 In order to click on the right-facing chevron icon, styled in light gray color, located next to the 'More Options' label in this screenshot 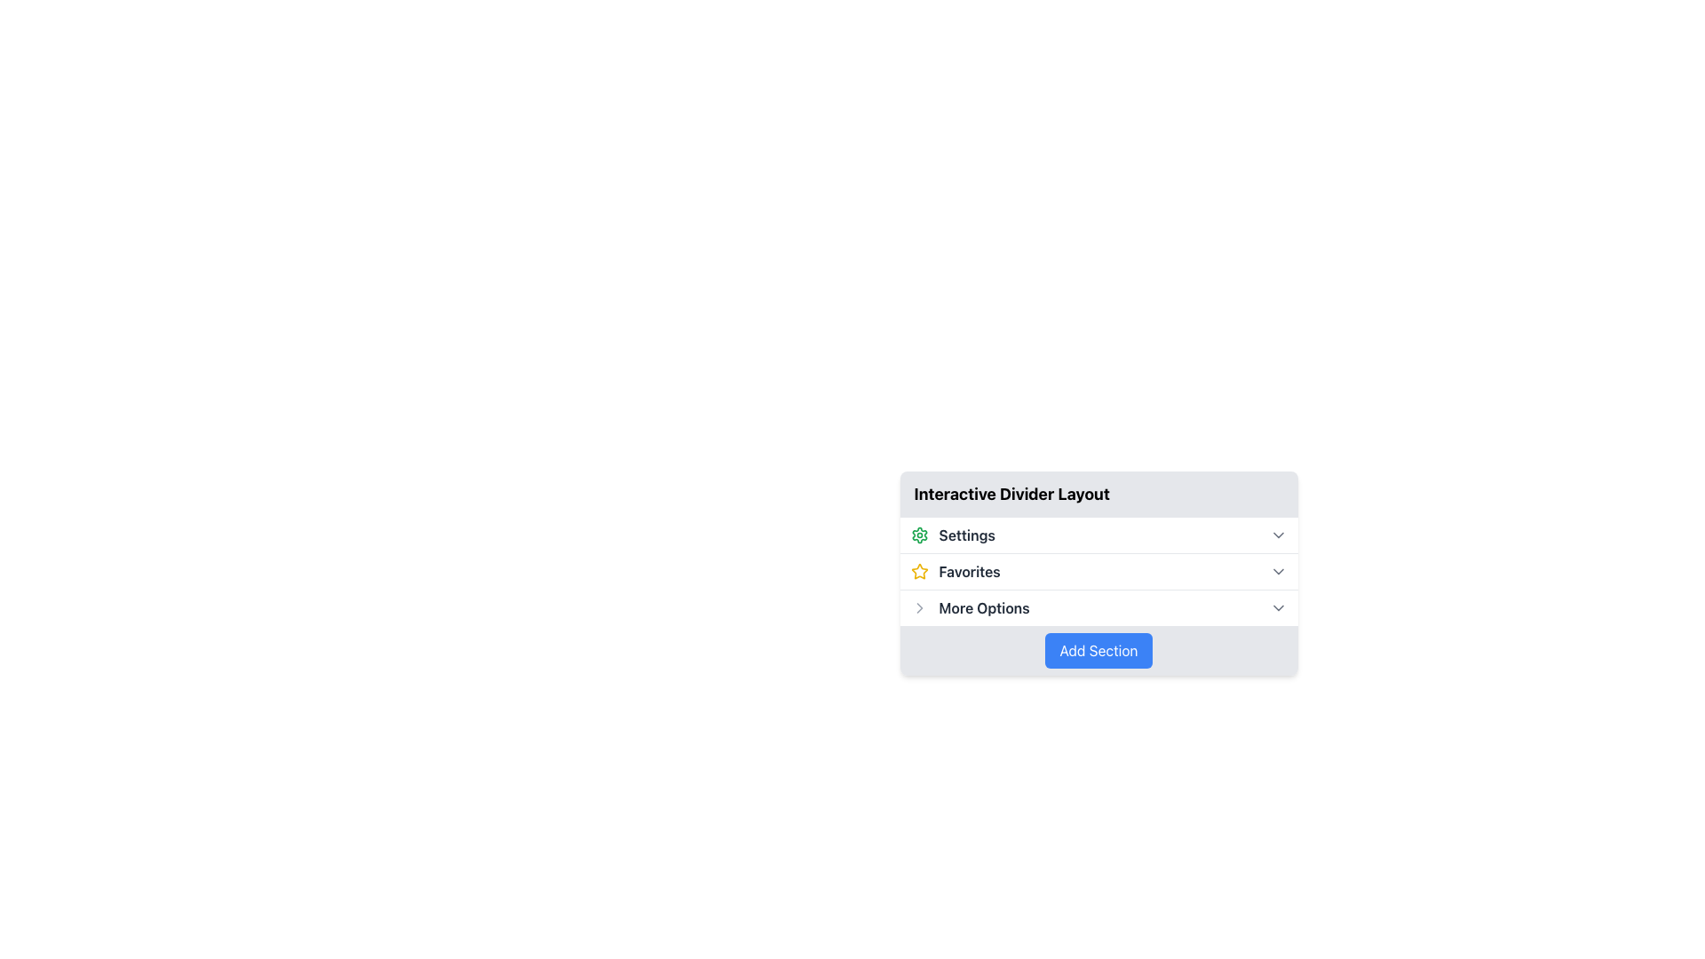, I will do `click(919, 607)`.